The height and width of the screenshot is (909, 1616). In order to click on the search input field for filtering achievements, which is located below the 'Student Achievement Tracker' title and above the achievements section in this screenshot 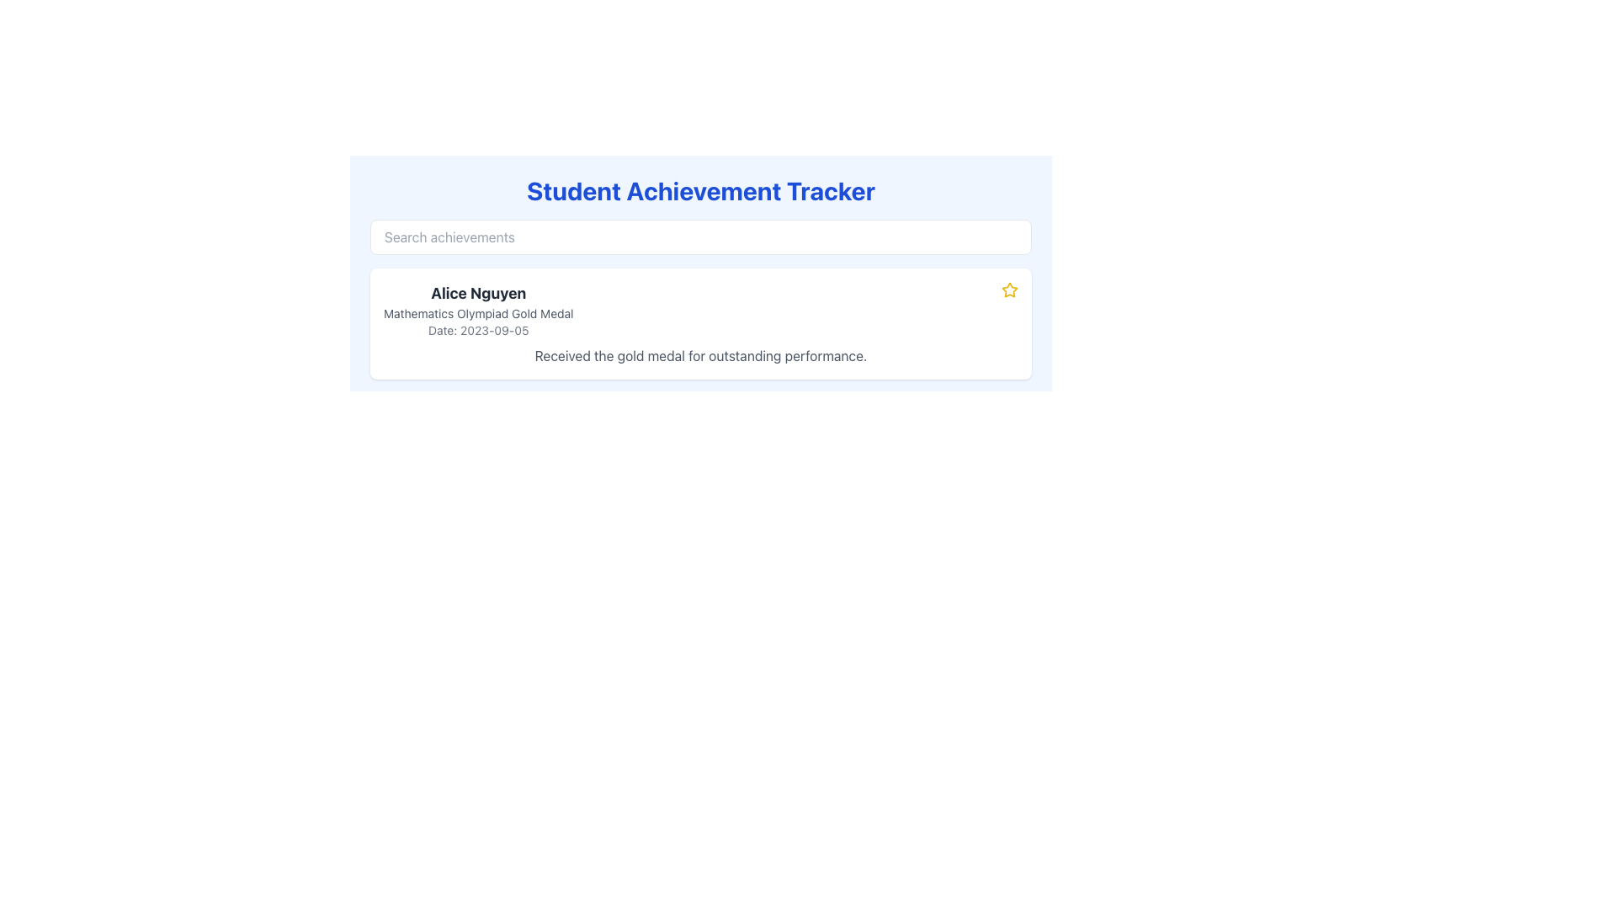, I will do `click(701, 237)`.